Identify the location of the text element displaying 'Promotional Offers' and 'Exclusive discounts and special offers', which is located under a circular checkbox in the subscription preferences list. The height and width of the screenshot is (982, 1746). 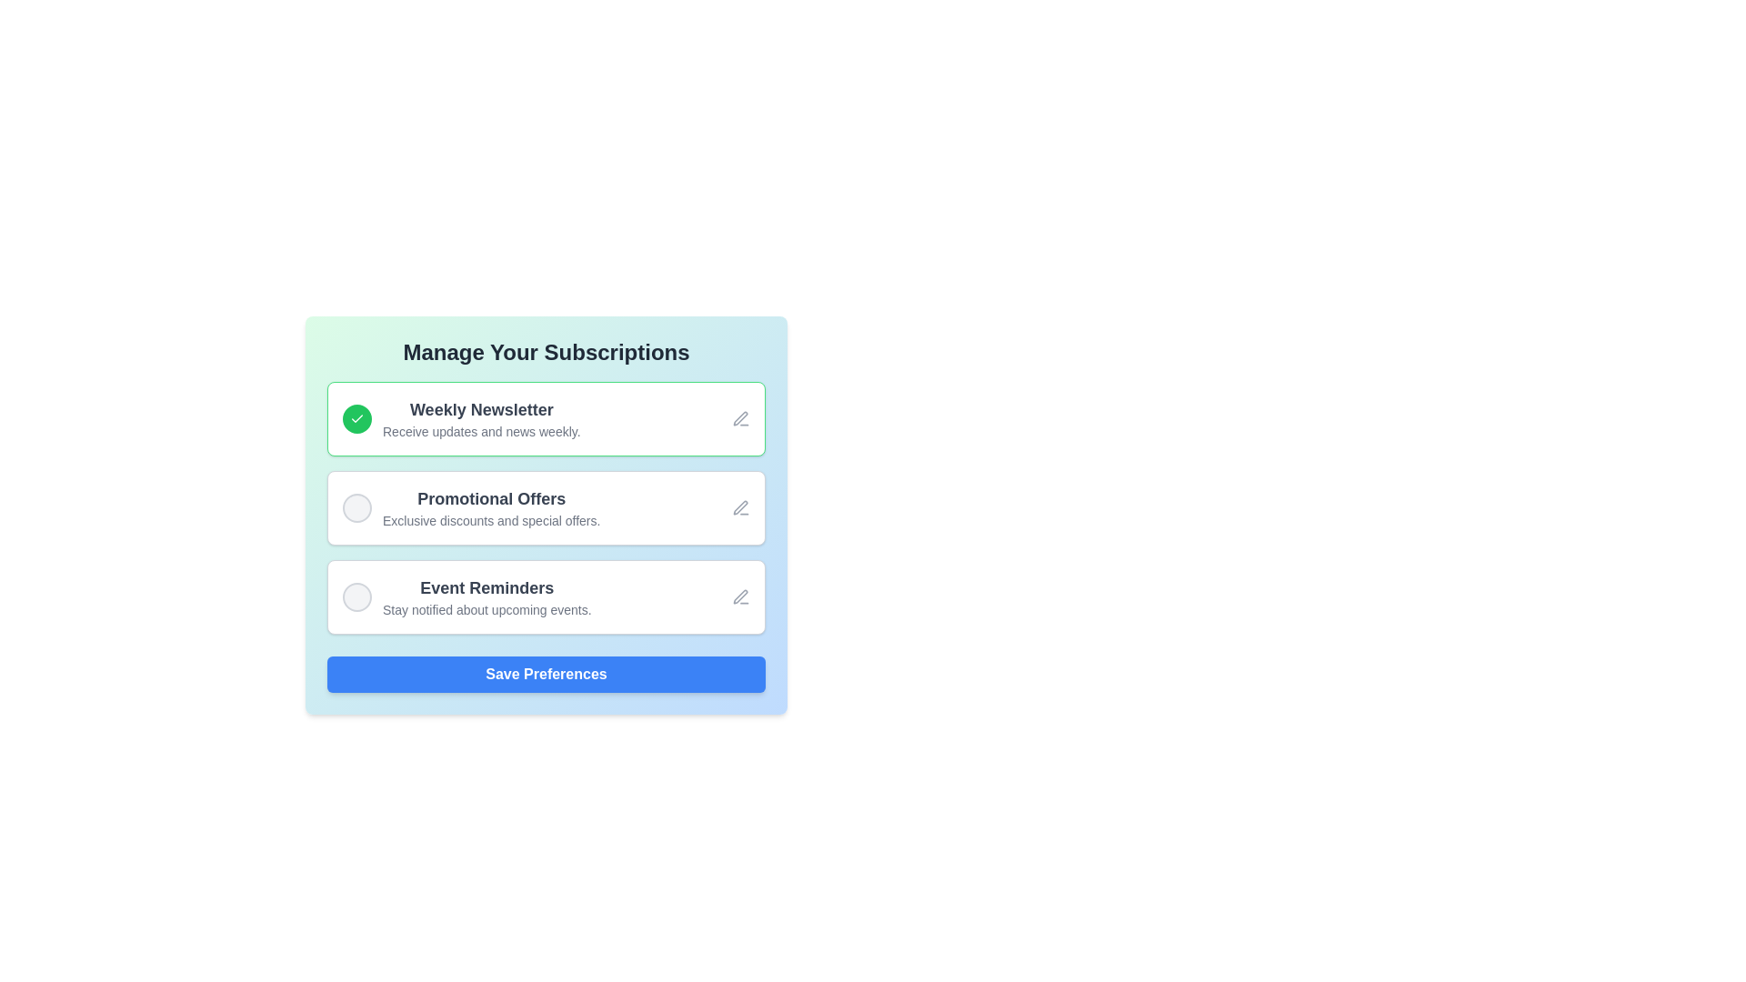
(491, 508).